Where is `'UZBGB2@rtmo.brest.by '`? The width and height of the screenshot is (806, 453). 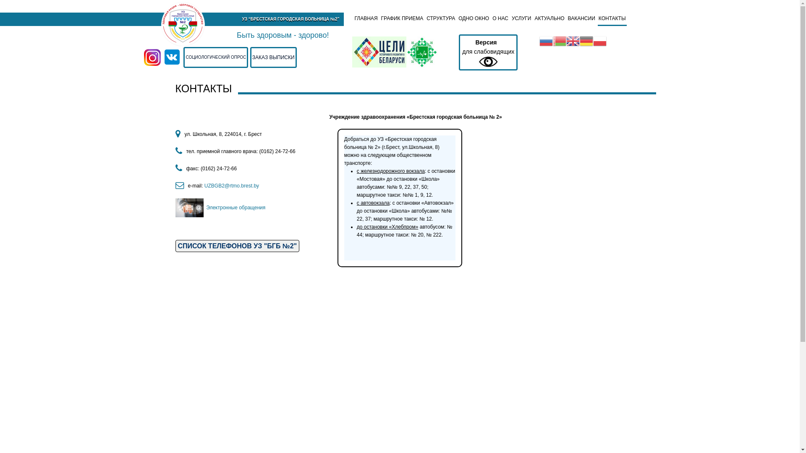
'UZBGB2@rtmo.brest.by ' is located at coordinates (232, 185).